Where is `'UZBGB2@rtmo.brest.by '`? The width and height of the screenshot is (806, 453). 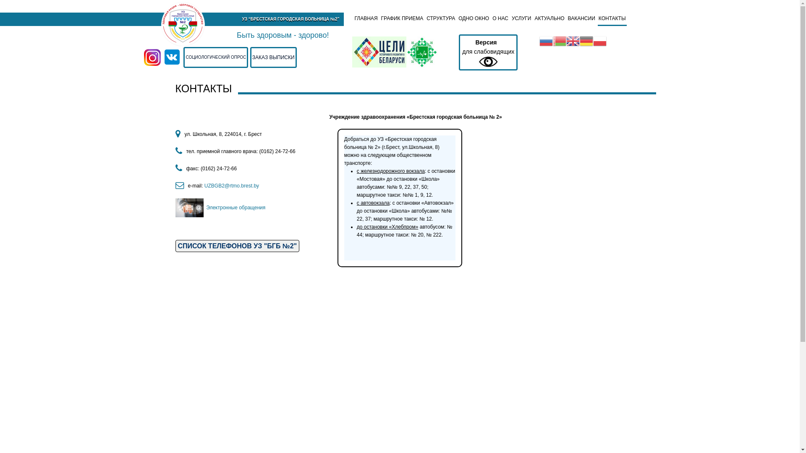
'UZBGB2@rtmo.brest.by ' is located at coordinates (232, 185).